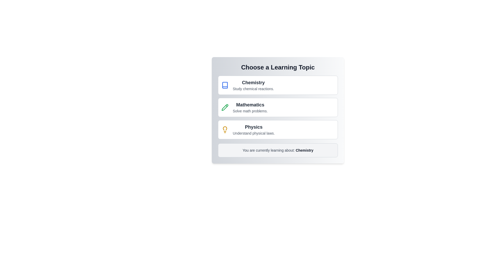 This screenshot has height=279, width=496. Describe the element at coordinates (254, 133) in the screenshot. I see `the text element displaying the phrase "Understand physical laws." which is positioned under the heading "Physics"` at that location.